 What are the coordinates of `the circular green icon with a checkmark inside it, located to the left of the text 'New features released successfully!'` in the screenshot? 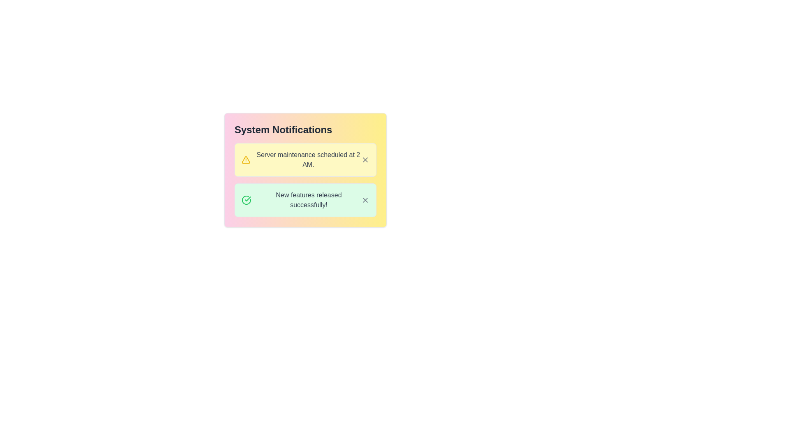 It's located at (246, 200).